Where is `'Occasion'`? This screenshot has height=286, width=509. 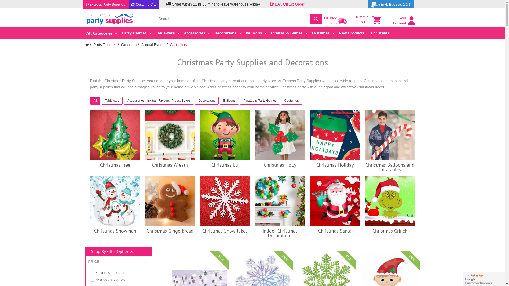
'Occasion' is located at coordinates (121, 44).